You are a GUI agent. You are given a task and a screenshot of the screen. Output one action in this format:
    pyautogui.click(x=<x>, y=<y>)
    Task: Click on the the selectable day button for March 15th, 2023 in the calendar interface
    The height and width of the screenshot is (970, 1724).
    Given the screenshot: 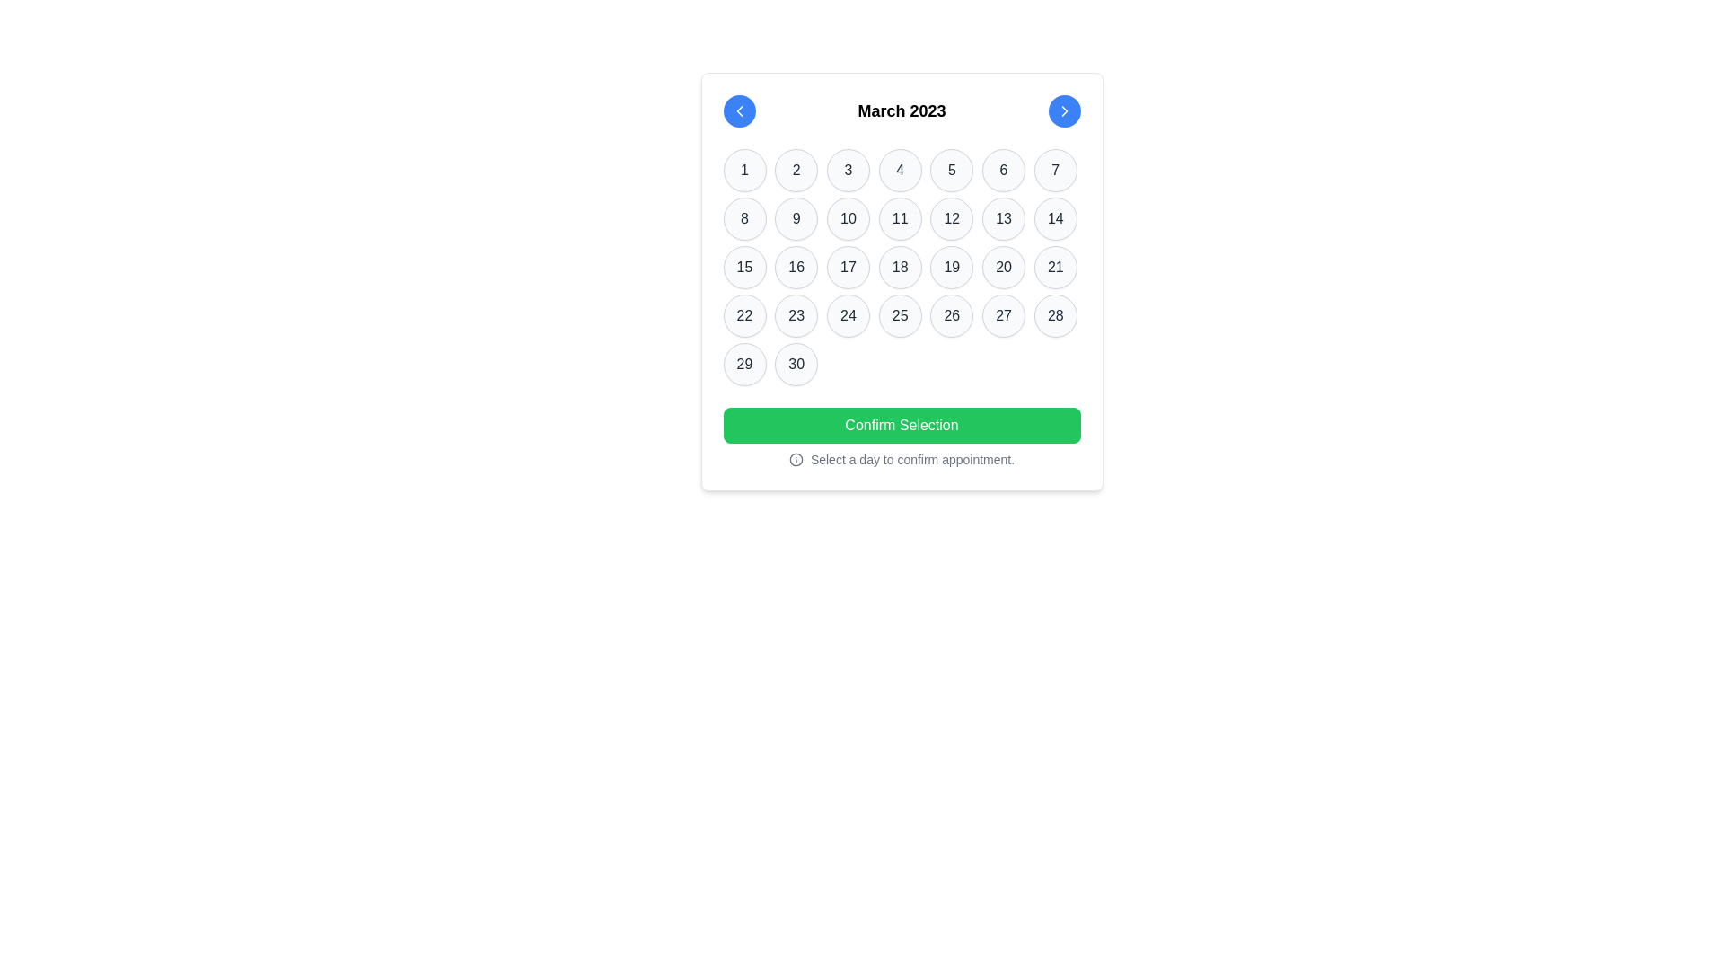 What is the action you would take?
    pyautogui.click(x=744, y=267)
    